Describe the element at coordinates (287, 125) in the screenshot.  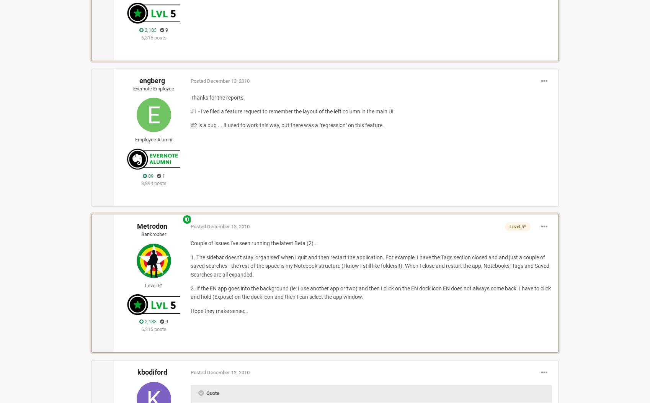
I see `'#2 is a bug ... it used to work this way, but there was a "regression" on this feature.'` at that location.